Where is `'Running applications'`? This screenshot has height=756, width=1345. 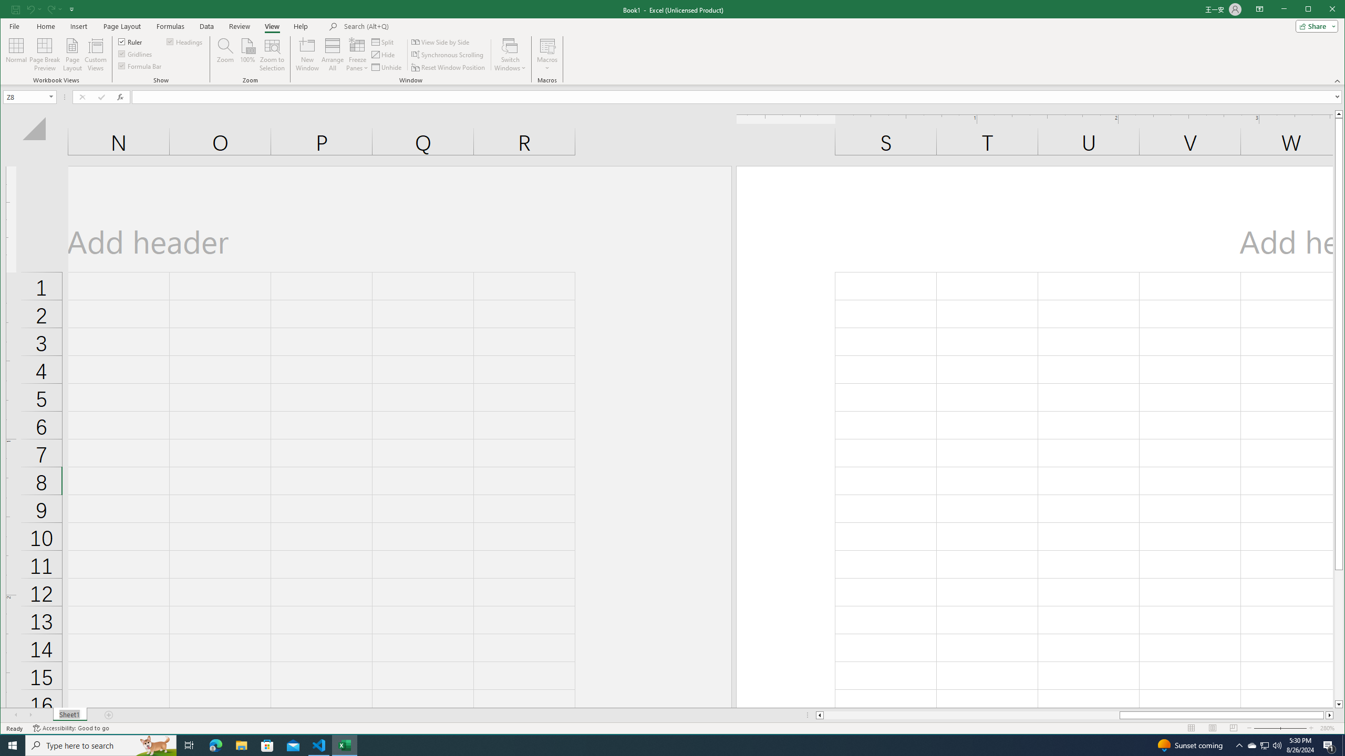 'Running applications' is located at coordinates (663, 744).